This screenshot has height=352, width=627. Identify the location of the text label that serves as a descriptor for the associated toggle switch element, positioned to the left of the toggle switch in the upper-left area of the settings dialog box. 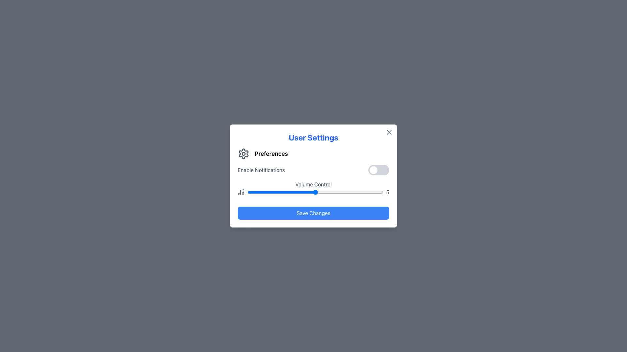
(261, 169).